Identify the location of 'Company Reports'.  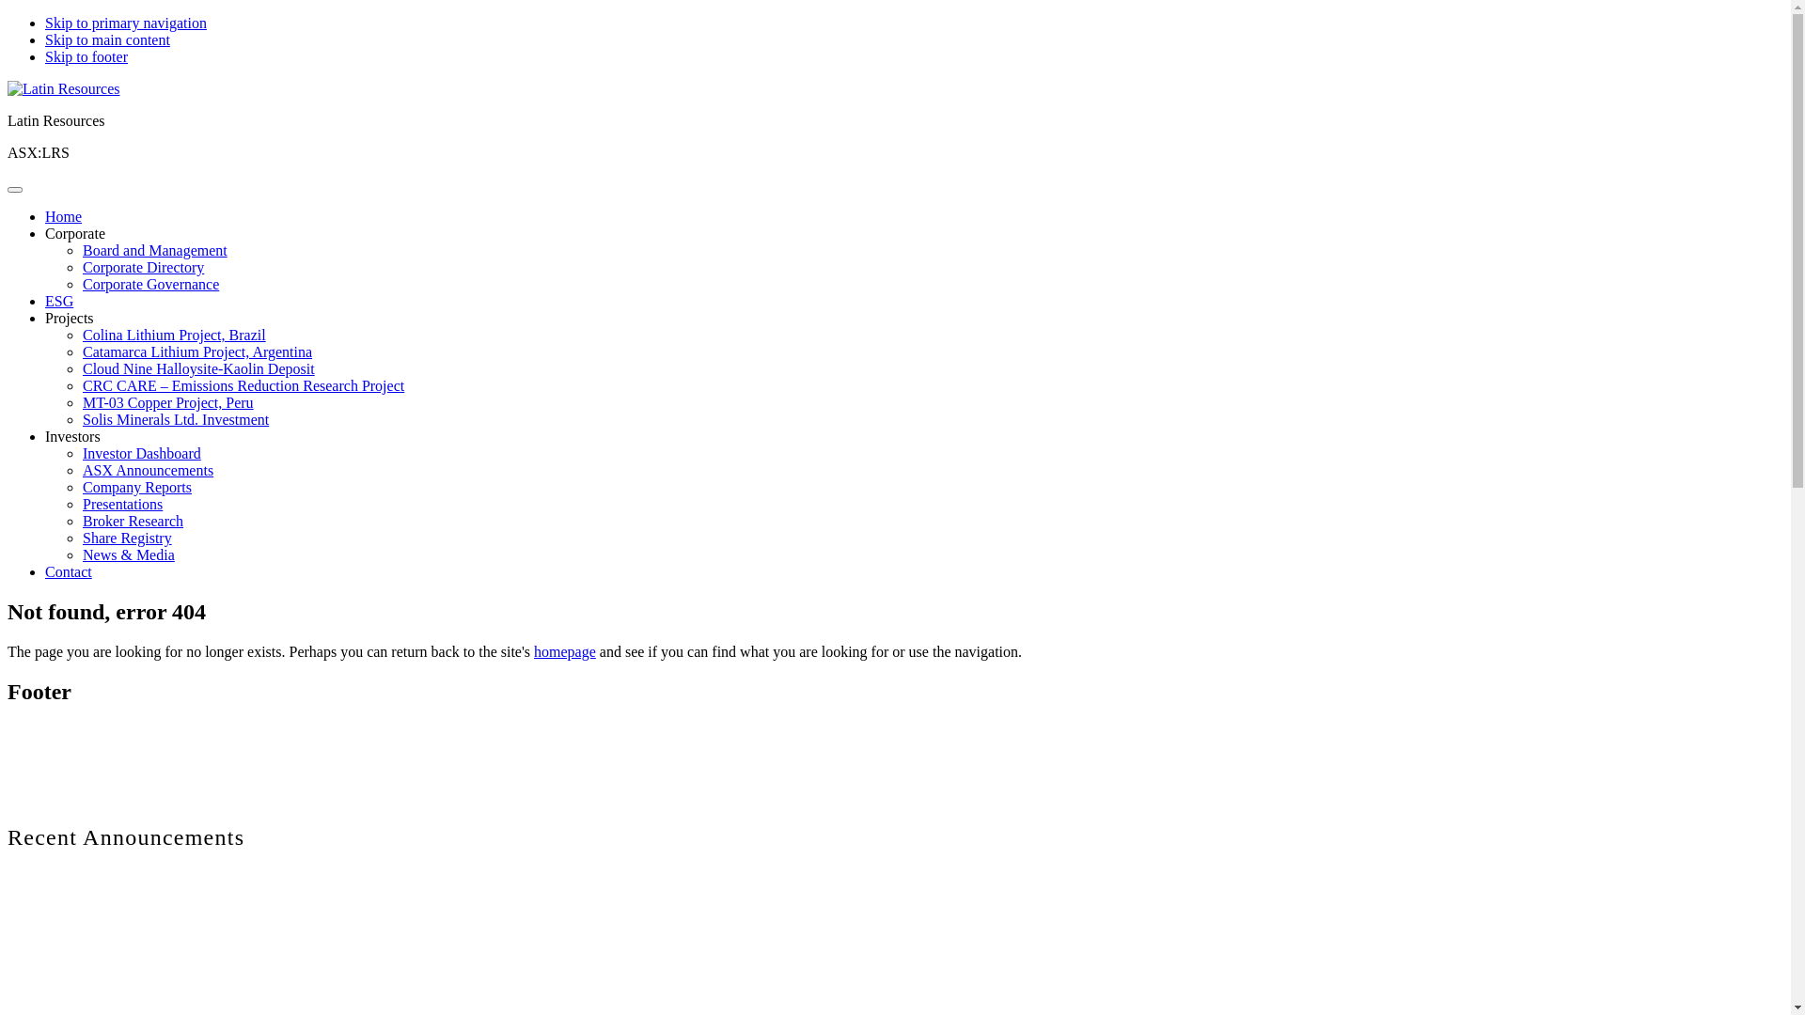
(135, 486).